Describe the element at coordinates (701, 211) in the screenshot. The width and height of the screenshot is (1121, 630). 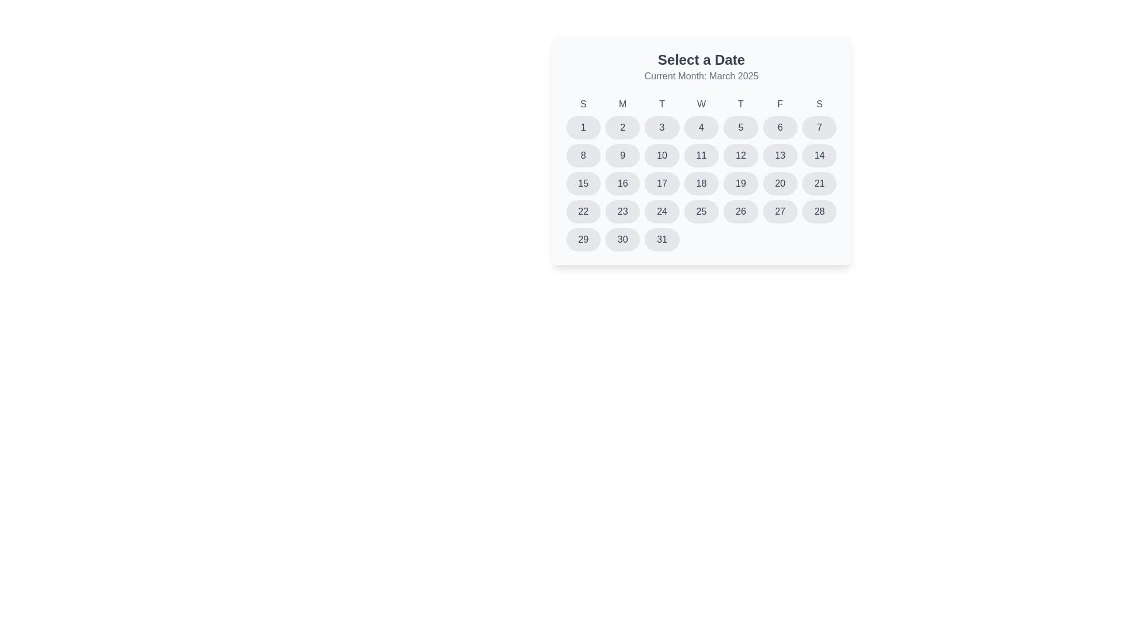
I see `the circular button with a light gray background and the number '25' in dark gray text` at that location.